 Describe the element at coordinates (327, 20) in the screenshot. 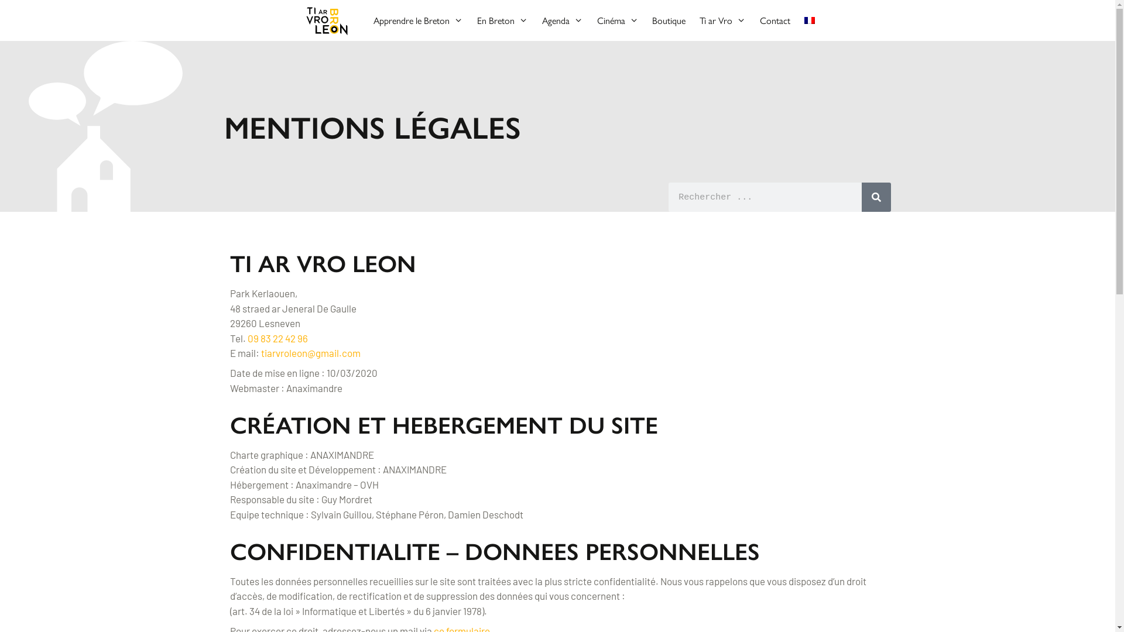

I see `'Tiarvro'` at that location.